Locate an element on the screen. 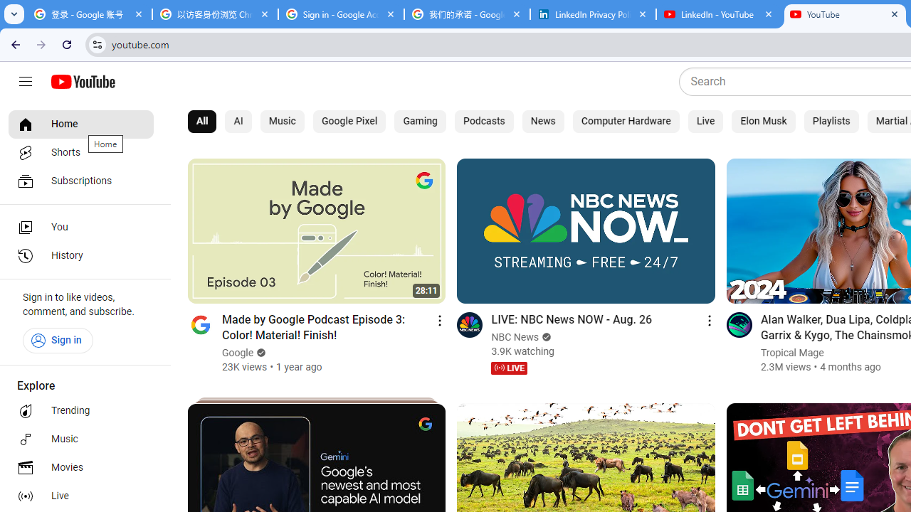 The height and width of the screenshot is (512, 911). 'Google Pixel' is located at coordinates (349, 121).